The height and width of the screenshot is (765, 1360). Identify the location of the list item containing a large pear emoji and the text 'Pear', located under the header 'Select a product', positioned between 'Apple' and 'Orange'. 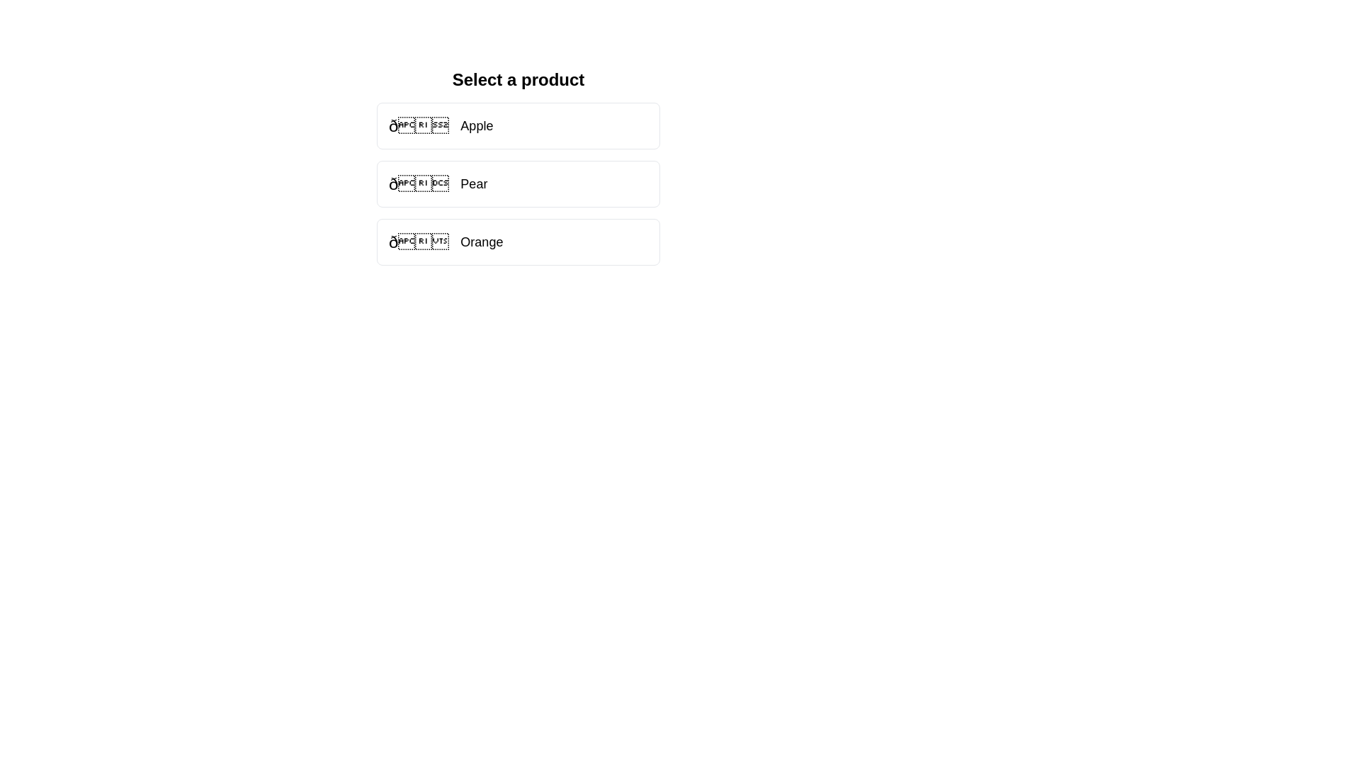
(437, 183).